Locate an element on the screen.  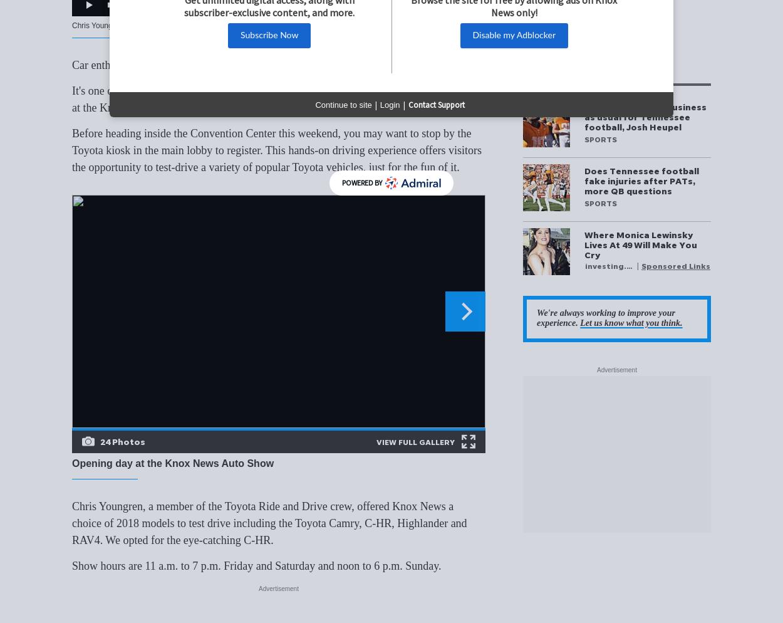
'Show hours are 11 a.m. to 7 p.m. Friday and Saturday and noon to 6 p.m. Sunday.' is located at coordinates (71, 565).